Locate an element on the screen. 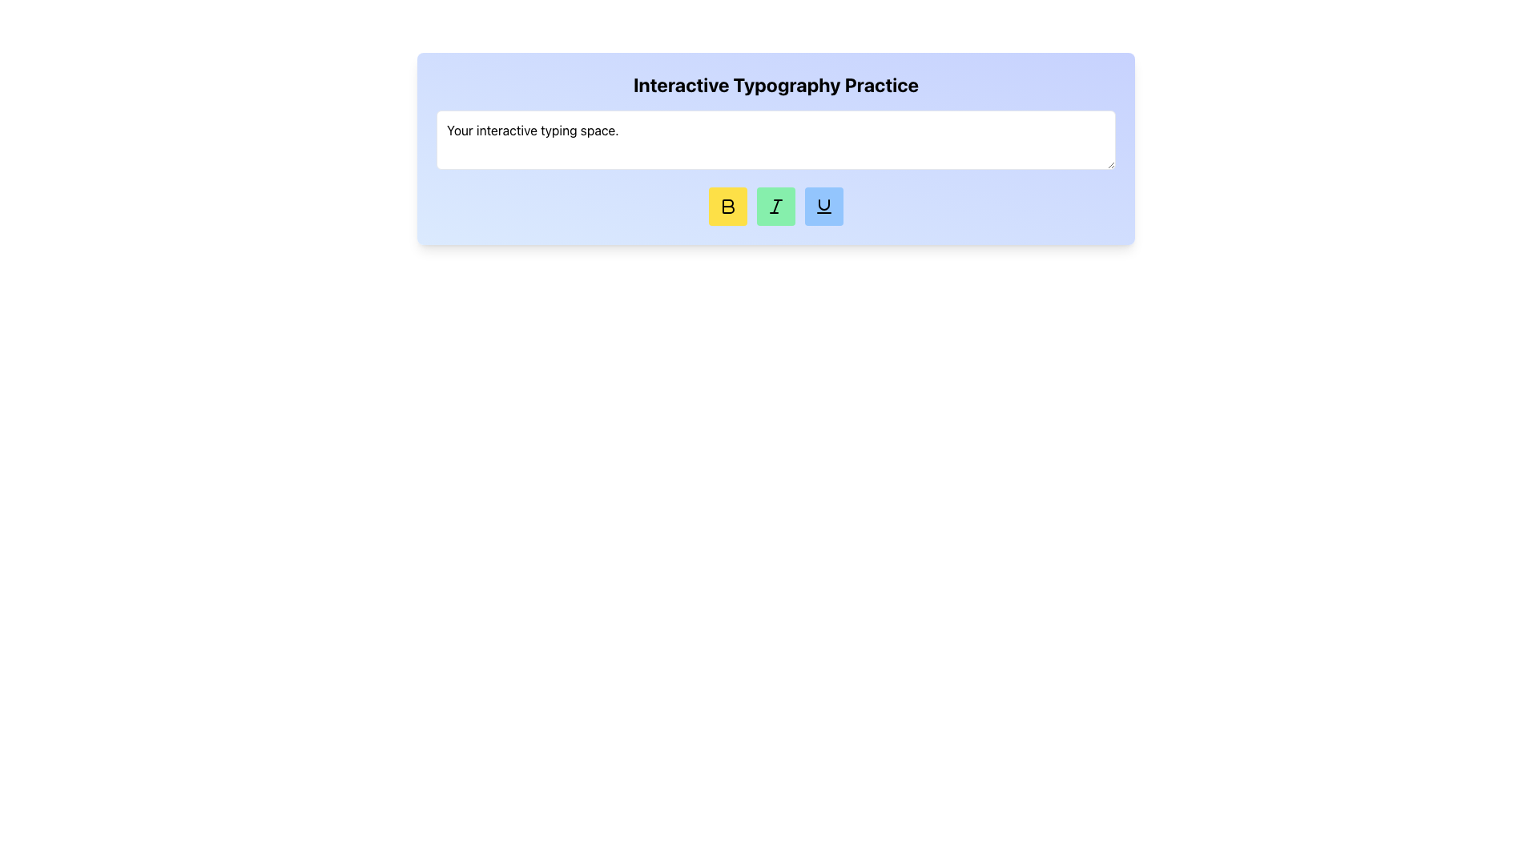 This screenshot has width=1538, height=865. the blue button with an underline icon, the third button from the left in a row of three, located centrally below the typing area to change the background color is located at coordinates (823, 206).